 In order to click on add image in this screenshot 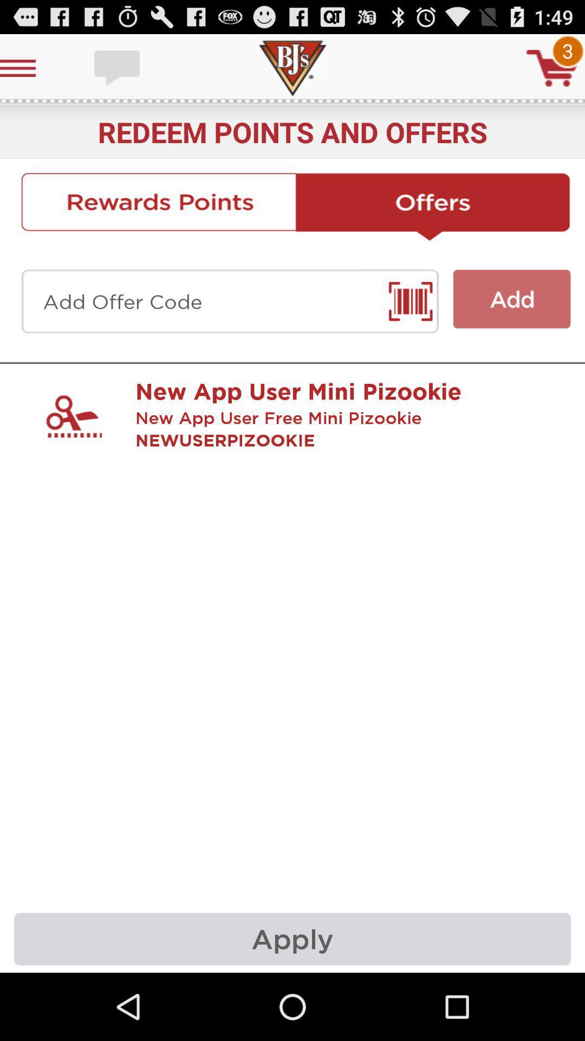, I will do `click(512, 299)`.